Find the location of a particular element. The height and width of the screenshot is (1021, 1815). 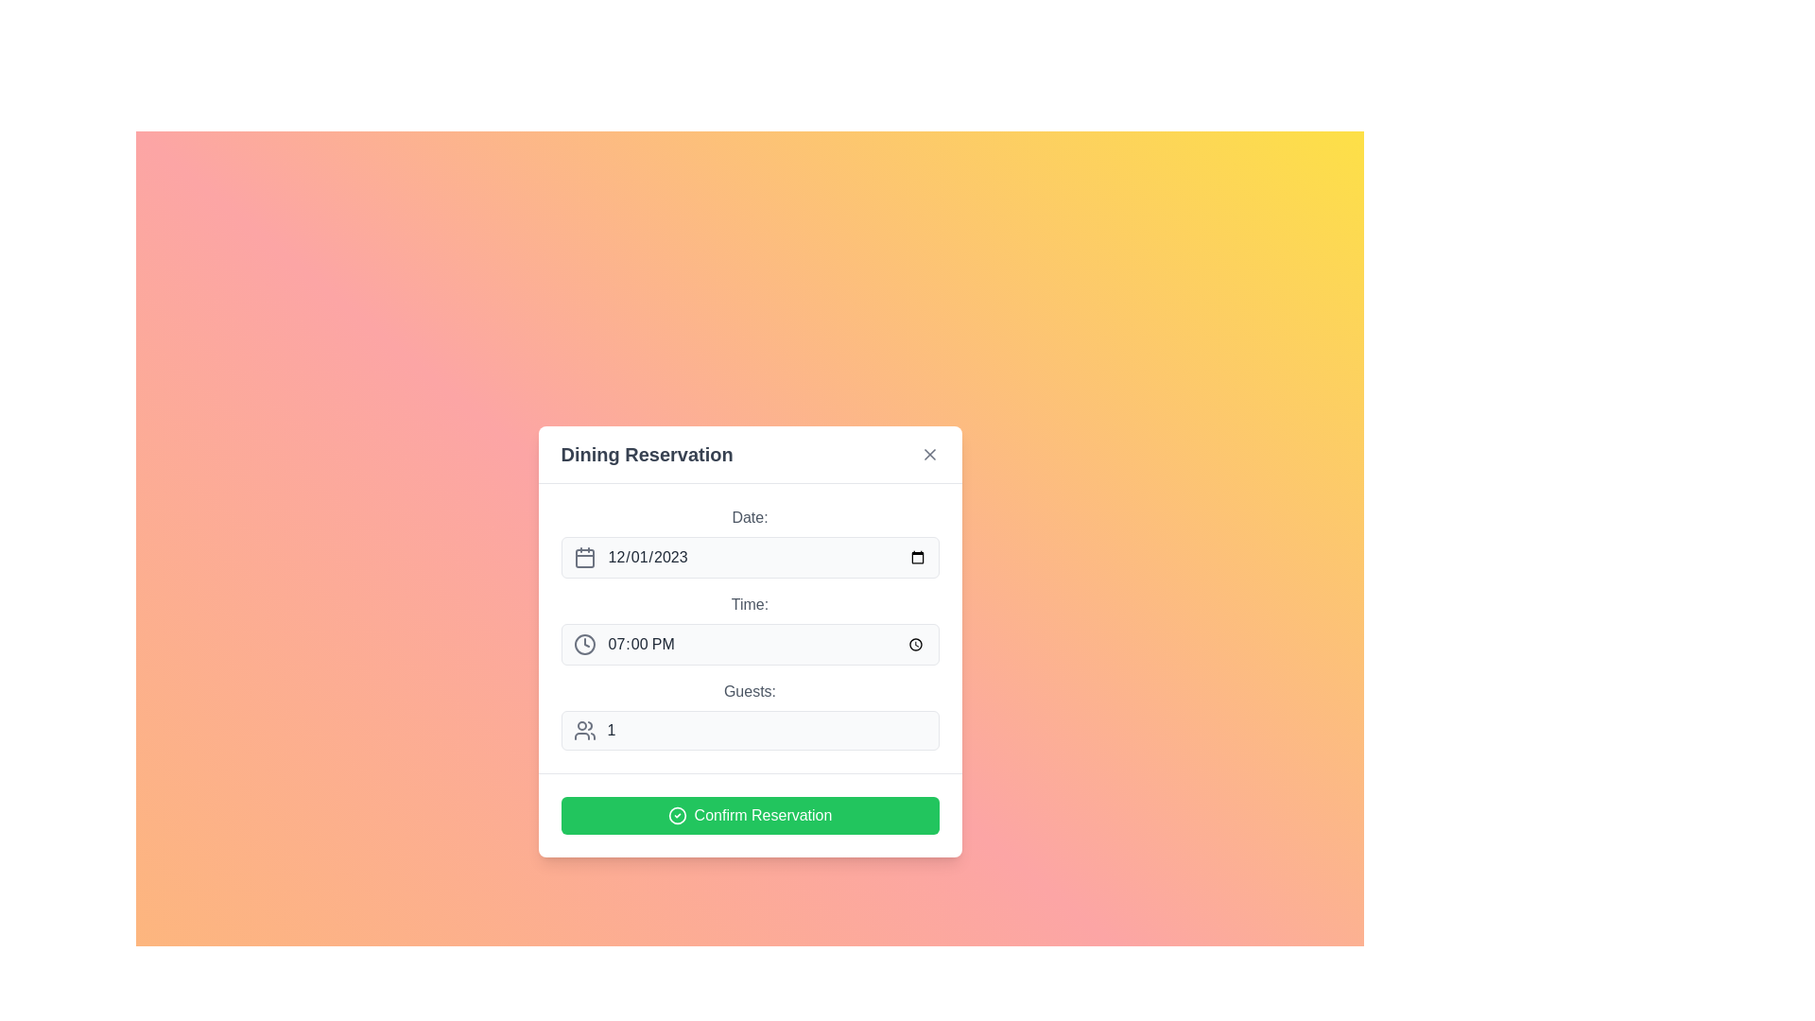

the Time field in the dining reservation form to set the time is located at coordinates (749, 640).